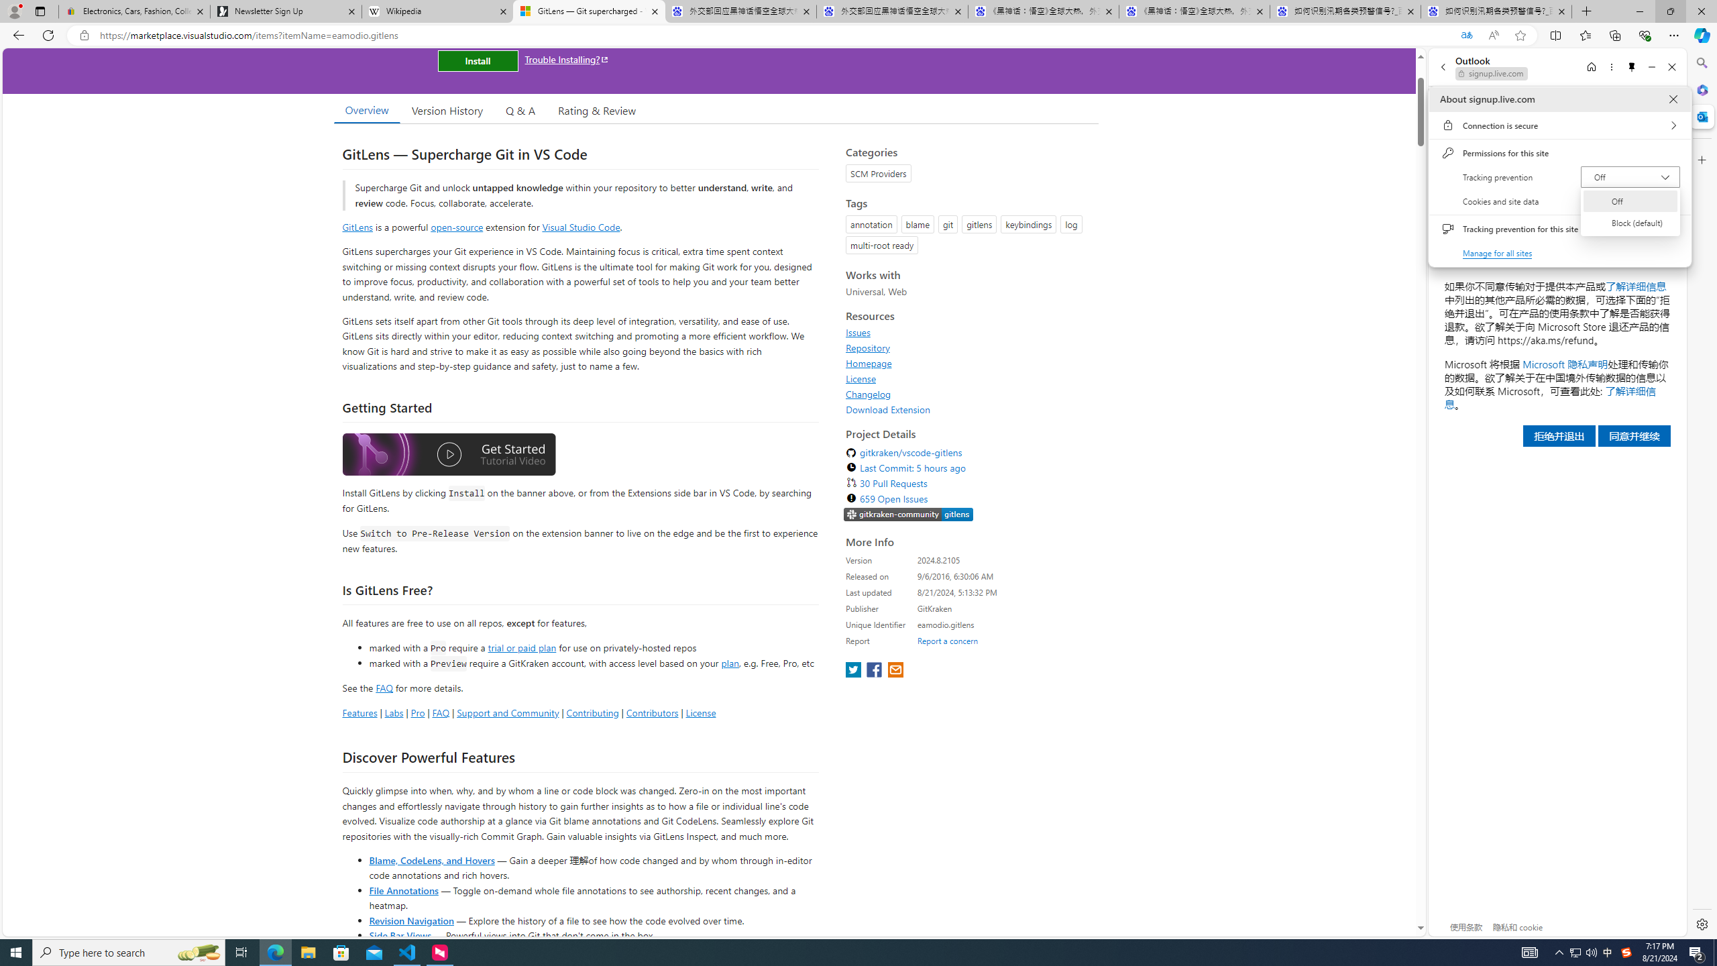 The height and width of the screenshot is (966, 1717). What do you see at coordinates (407, 951) in the screenshot?
I see `'Visual Studio Code - 1 running window'` at bounding box center [407, 951].